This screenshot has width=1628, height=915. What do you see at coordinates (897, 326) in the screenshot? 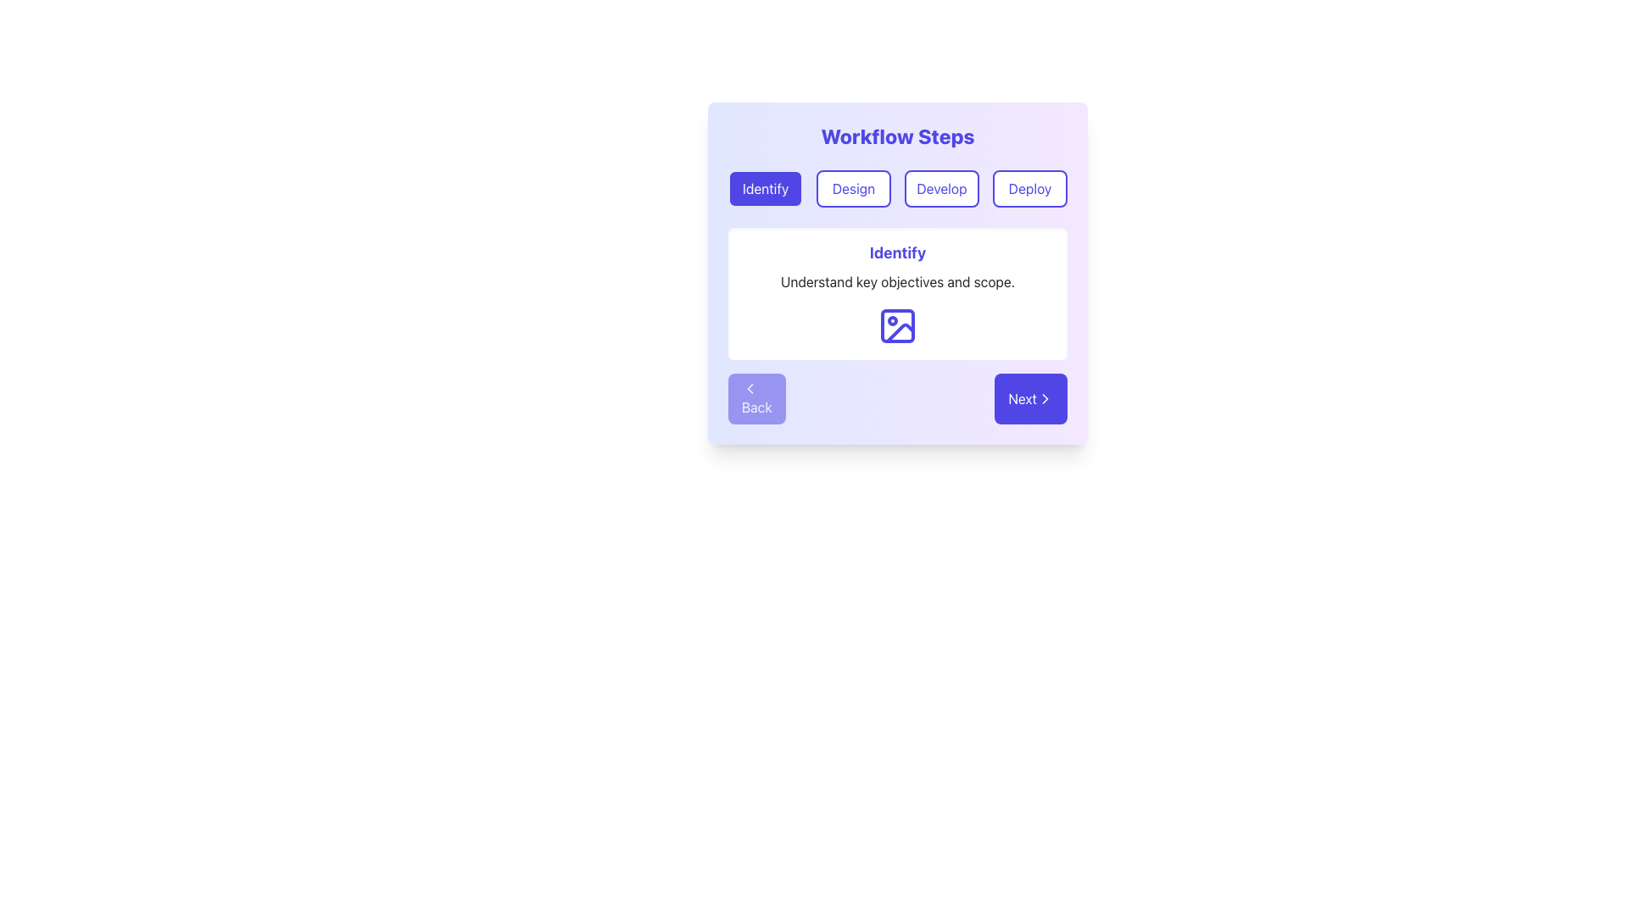
I see `the icon or SVG graphic that symbolizes the 'Identify' section, located below the text block in a white box` at bounding box center [897, 326].